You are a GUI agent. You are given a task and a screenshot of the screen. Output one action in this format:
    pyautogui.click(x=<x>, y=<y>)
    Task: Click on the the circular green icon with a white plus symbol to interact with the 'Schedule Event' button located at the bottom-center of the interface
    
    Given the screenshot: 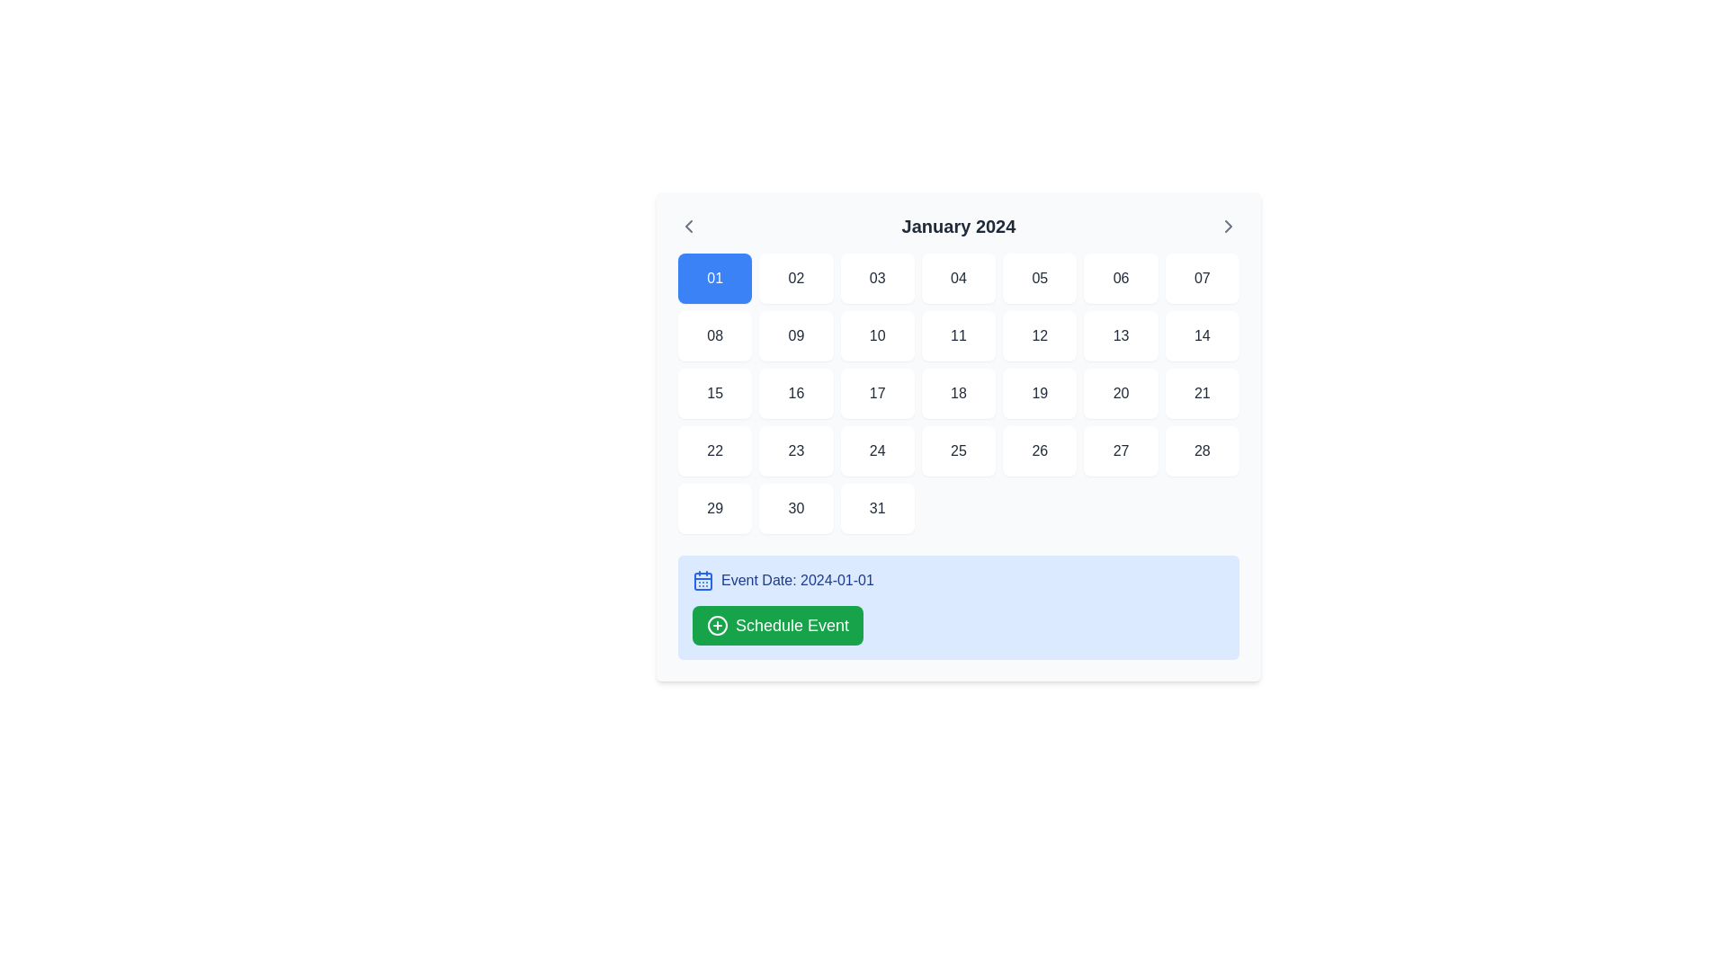 What is the action you would take?
    pyautogui.click(x=716, y=624)
    